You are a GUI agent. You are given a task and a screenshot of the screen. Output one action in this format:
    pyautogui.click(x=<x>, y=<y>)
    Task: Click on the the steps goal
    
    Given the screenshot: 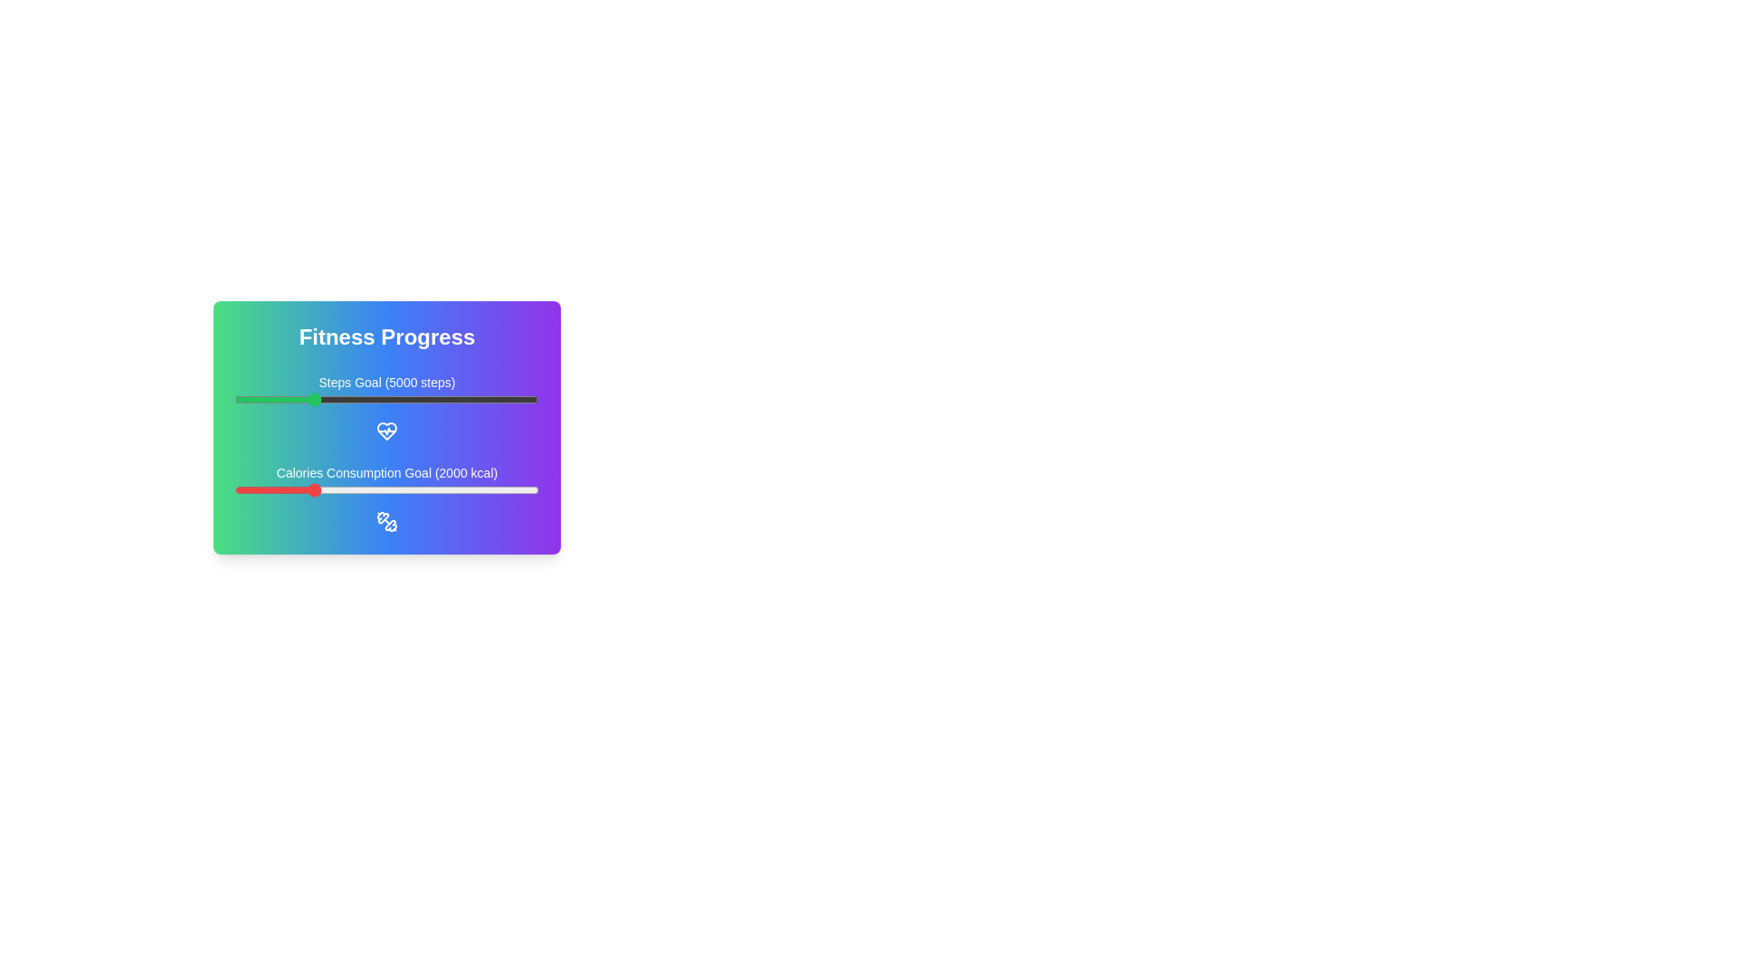 What is the action you would take?
    pyautogui.click(x=507, y=399)
    